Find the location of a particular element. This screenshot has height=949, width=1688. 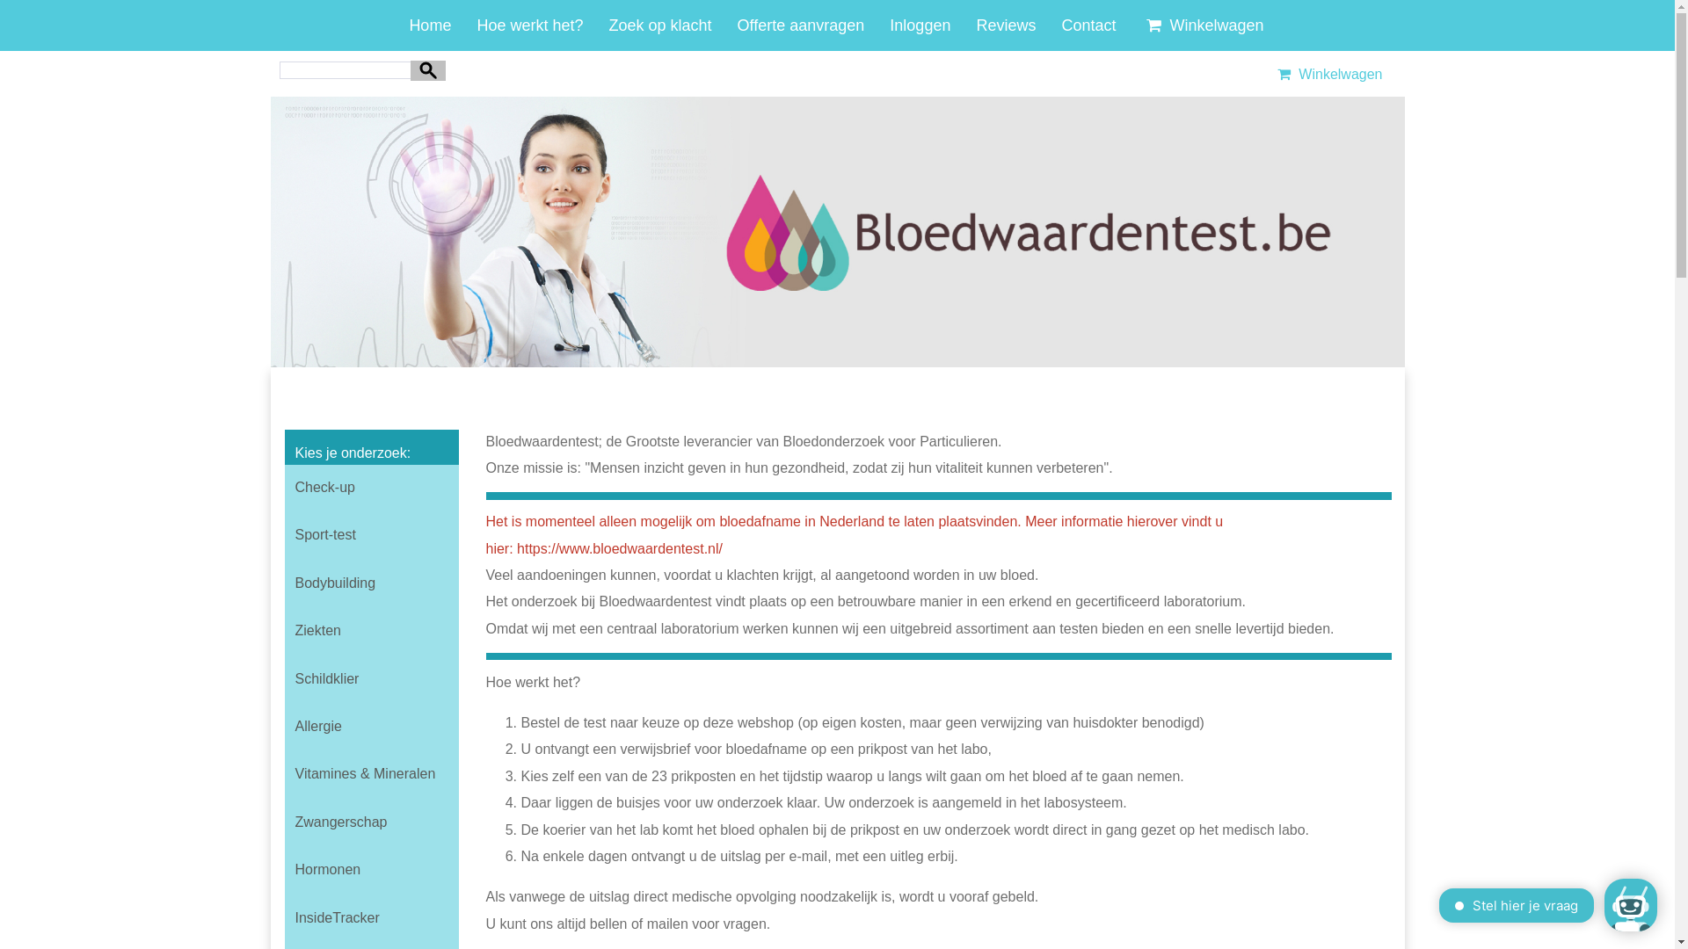

'Inloggen' is located at coordinates (919, 25).